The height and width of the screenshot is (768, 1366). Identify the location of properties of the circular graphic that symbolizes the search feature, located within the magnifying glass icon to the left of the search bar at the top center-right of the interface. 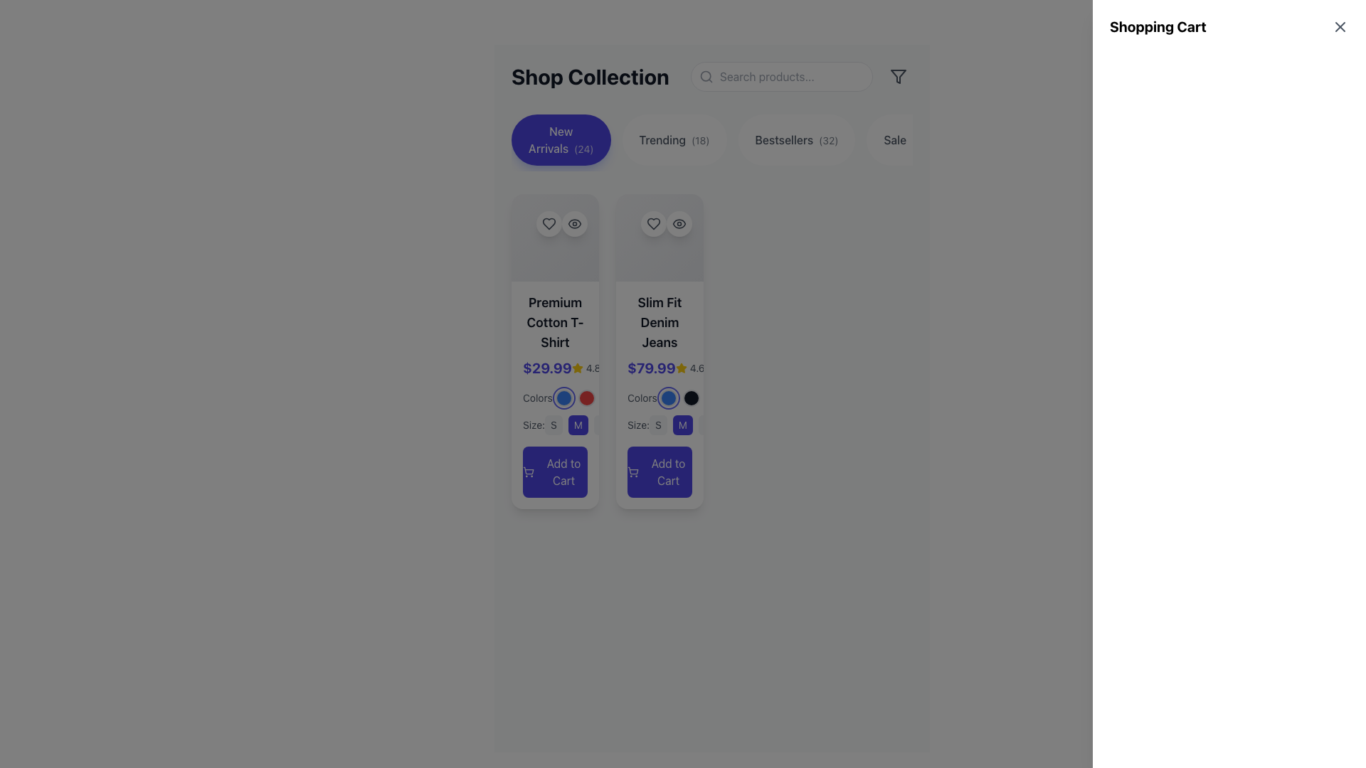
(706, 76).